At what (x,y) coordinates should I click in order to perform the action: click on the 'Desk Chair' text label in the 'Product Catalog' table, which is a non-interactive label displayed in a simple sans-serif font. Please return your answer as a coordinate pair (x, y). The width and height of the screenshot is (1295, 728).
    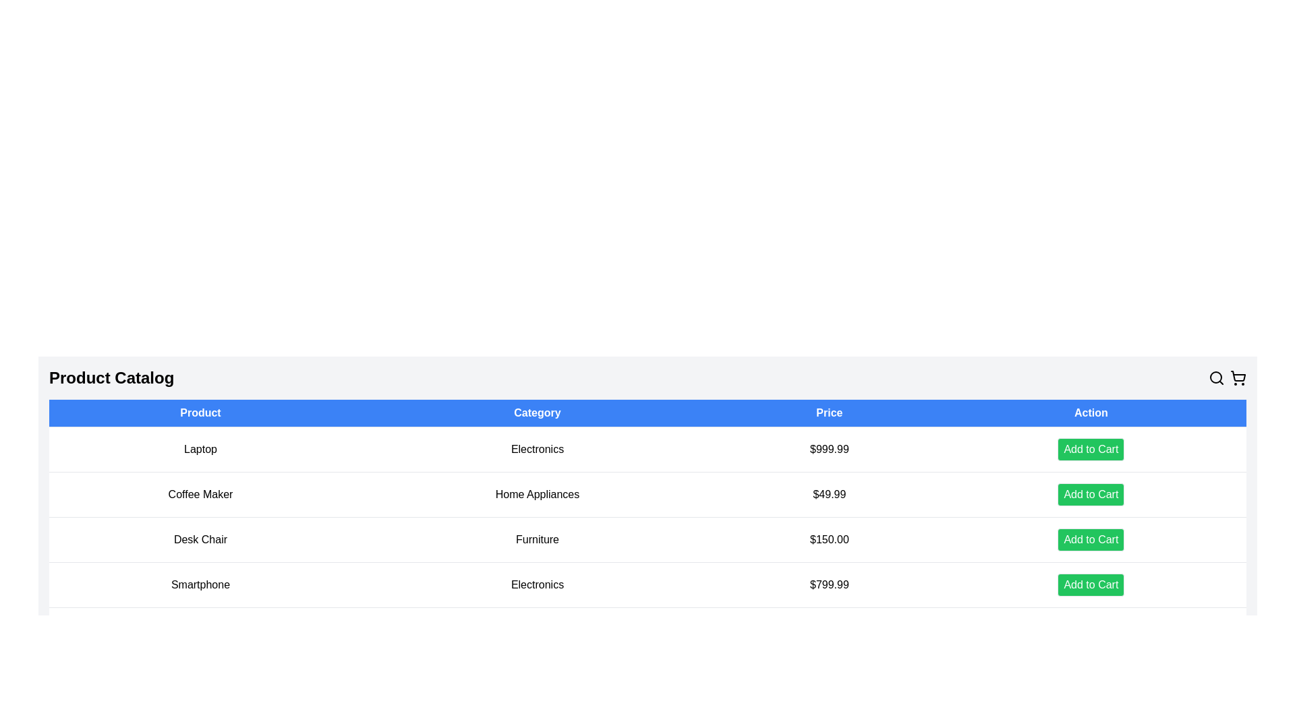
    Looking at the image, I should click on (200, 539).